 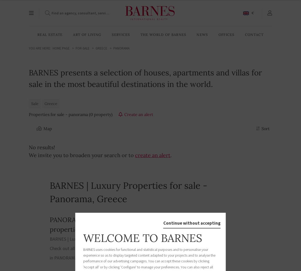 I want to click on 'Our publications', so click(x=158, y=73).